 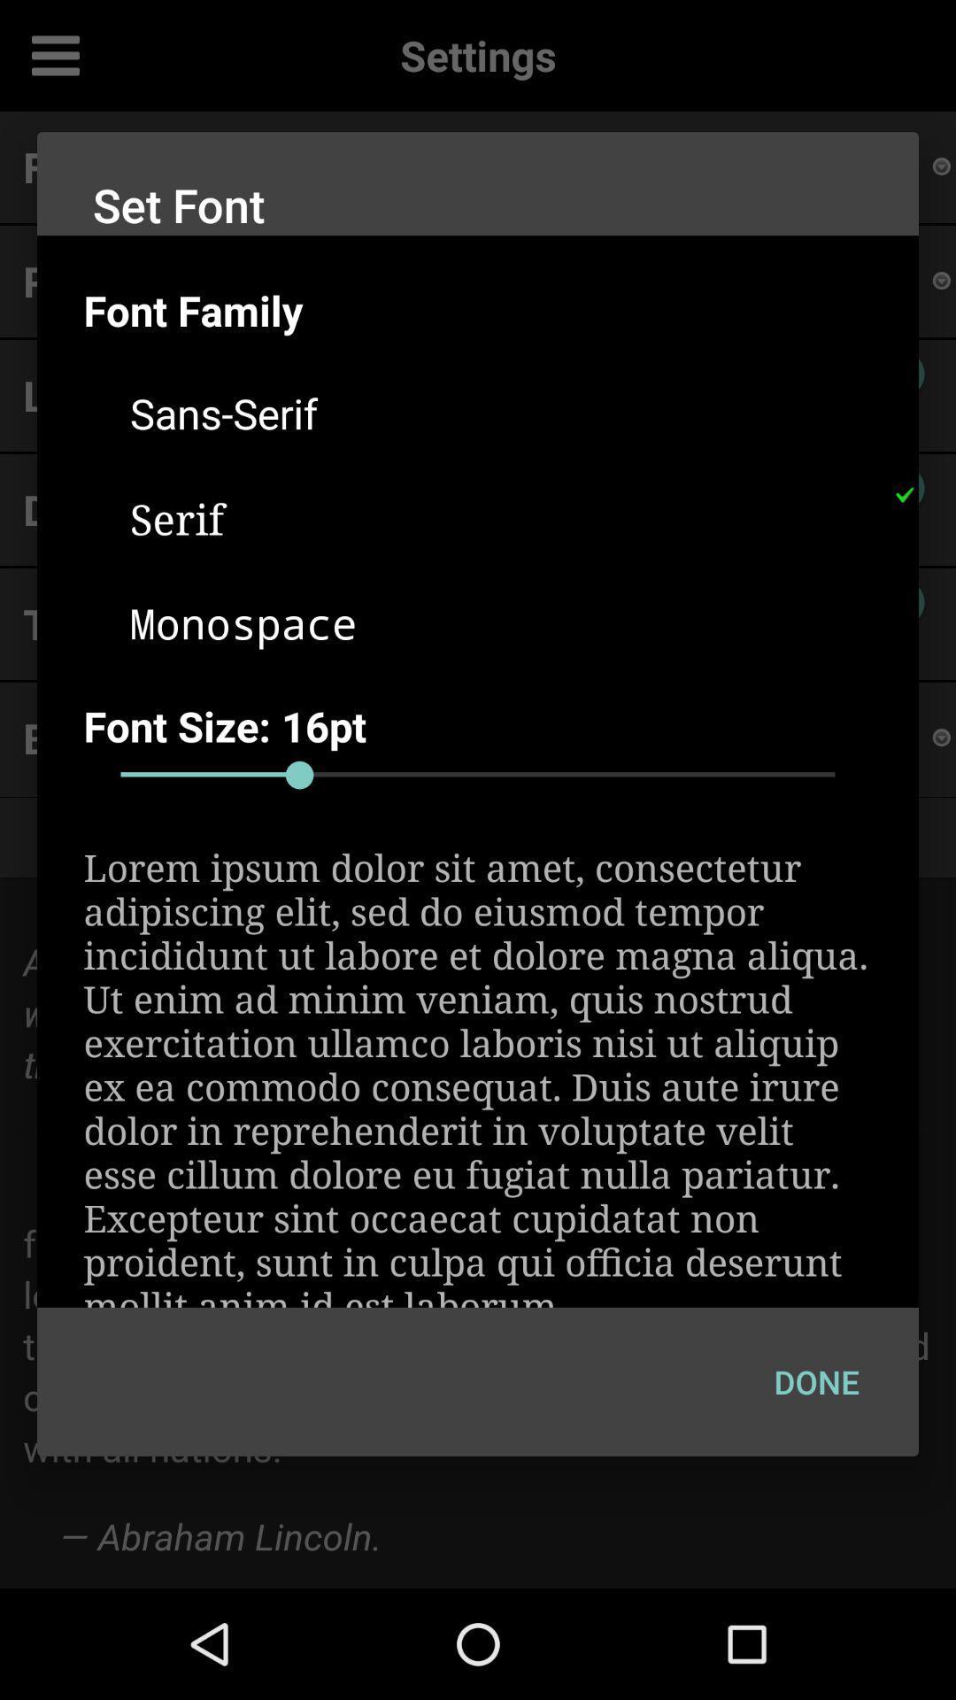 What do you see at coordinates (478, 775) in the screenshot?
I see `adjust font size` at bounding box center [478, 775].